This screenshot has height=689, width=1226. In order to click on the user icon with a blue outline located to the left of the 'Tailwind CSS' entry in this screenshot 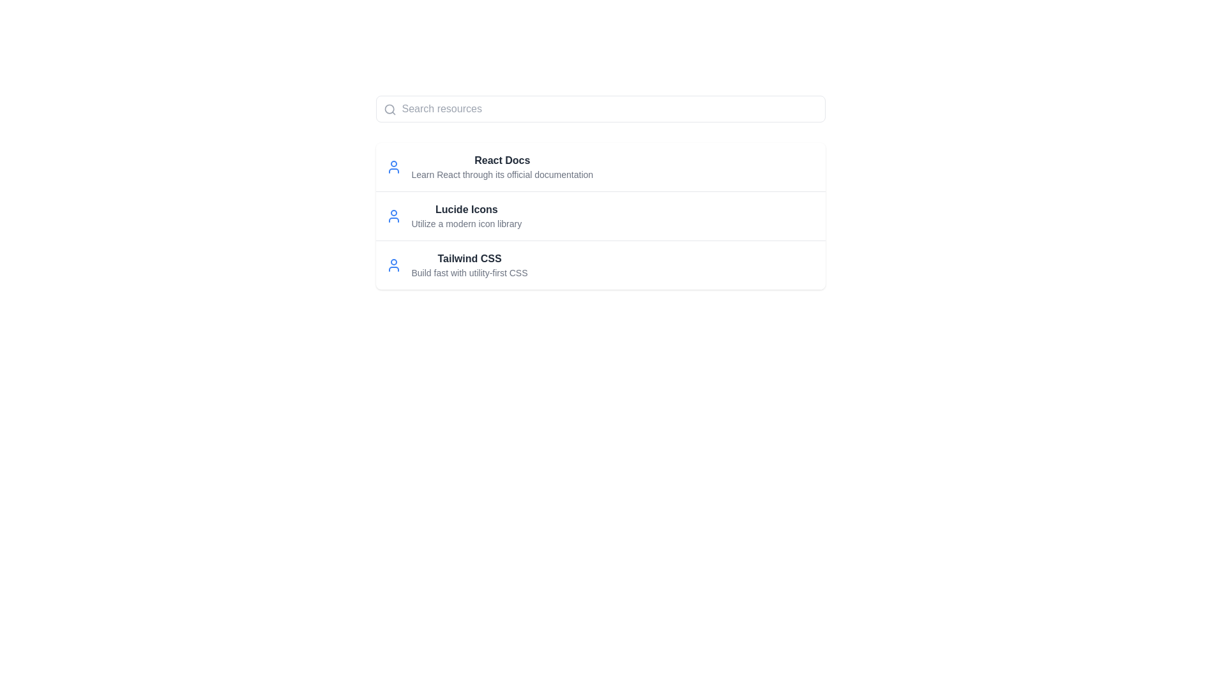, I will do `click(393, 265)`.